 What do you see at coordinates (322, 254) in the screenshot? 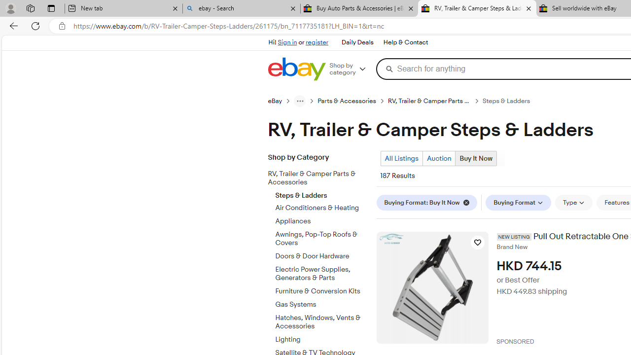
I see `'Doors & Door Hardware'` at bounding box center [322, 254].